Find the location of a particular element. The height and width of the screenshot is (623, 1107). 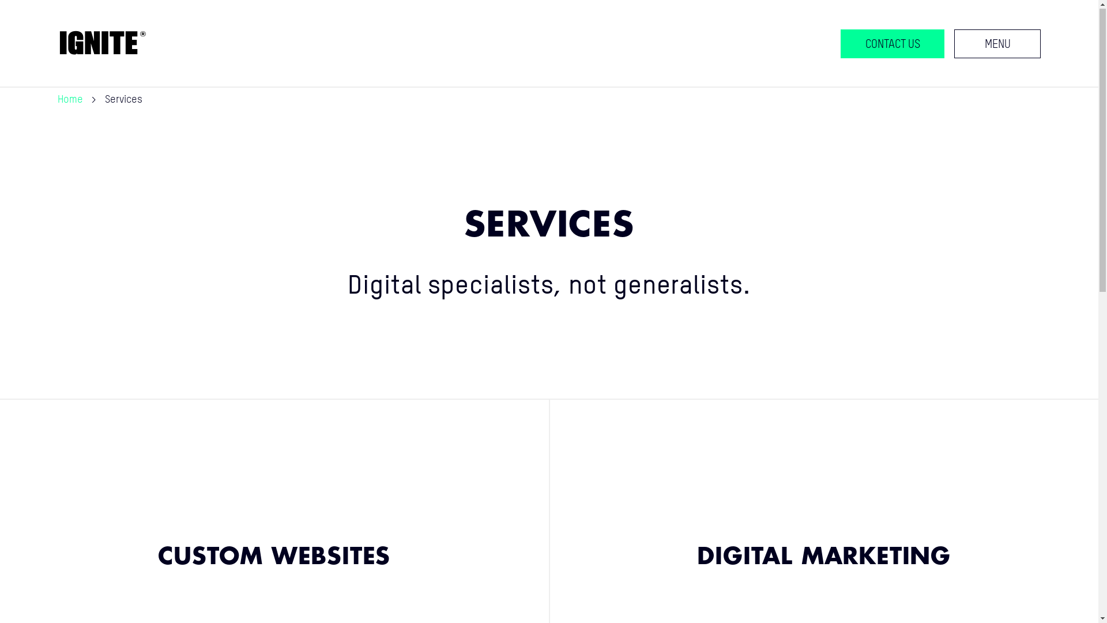

'MENU' is located at coordinates (996, 44).